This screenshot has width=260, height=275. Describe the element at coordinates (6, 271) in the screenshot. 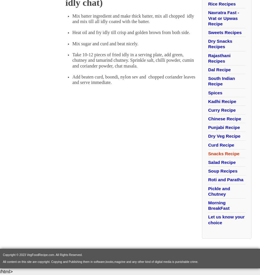

I see `'/html>'` at that location.